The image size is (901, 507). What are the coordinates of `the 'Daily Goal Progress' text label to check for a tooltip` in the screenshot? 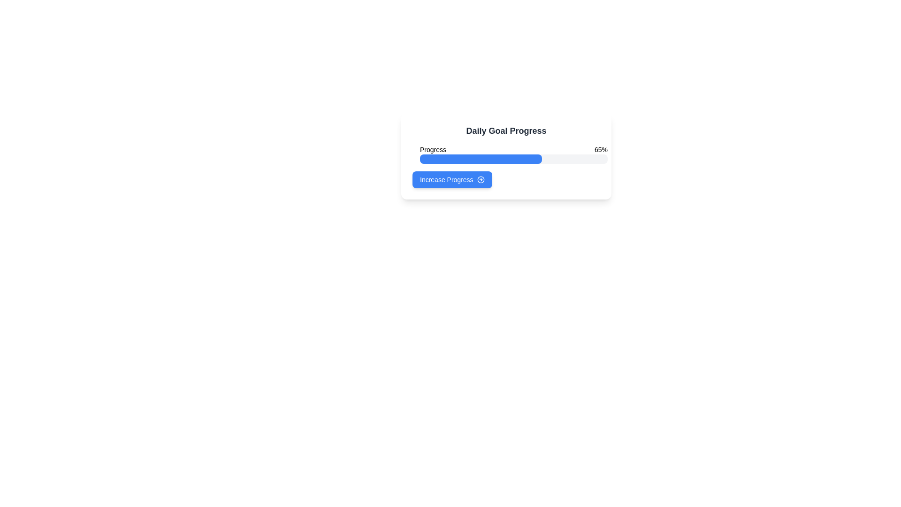 It's located at (506, 131).